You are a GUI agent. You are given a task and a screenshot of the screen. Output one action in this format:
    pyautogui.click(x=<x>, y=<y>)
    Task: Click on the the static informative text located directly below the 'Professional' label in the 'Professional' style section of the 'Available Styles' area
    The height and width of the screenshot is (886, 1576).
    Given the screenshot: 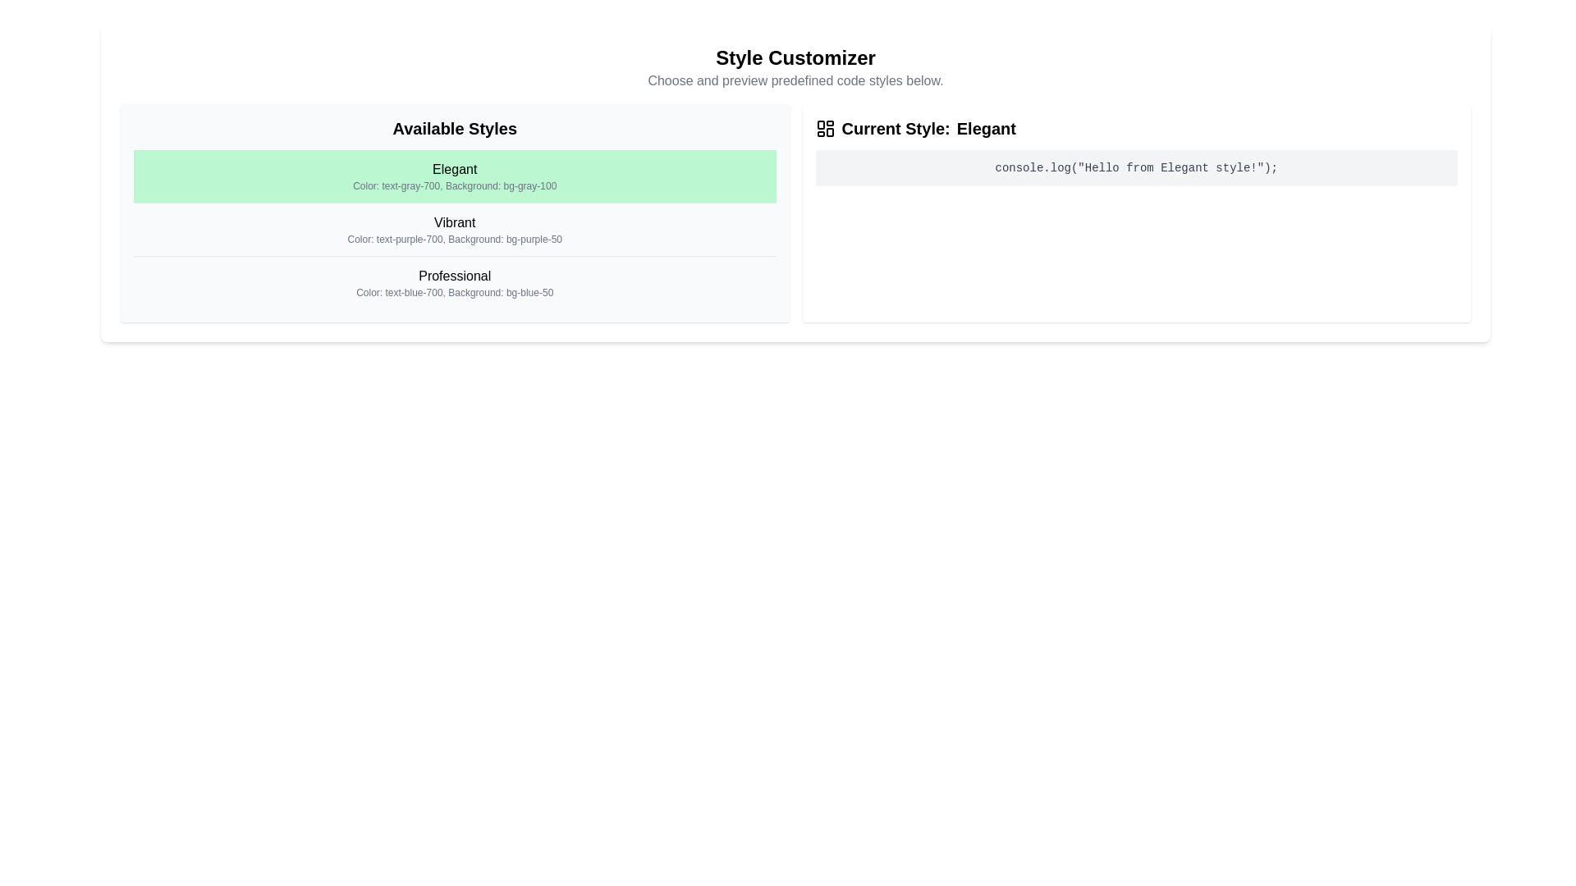 What is the action you would take?
    pyautogui.click(x=455, y=292)
    